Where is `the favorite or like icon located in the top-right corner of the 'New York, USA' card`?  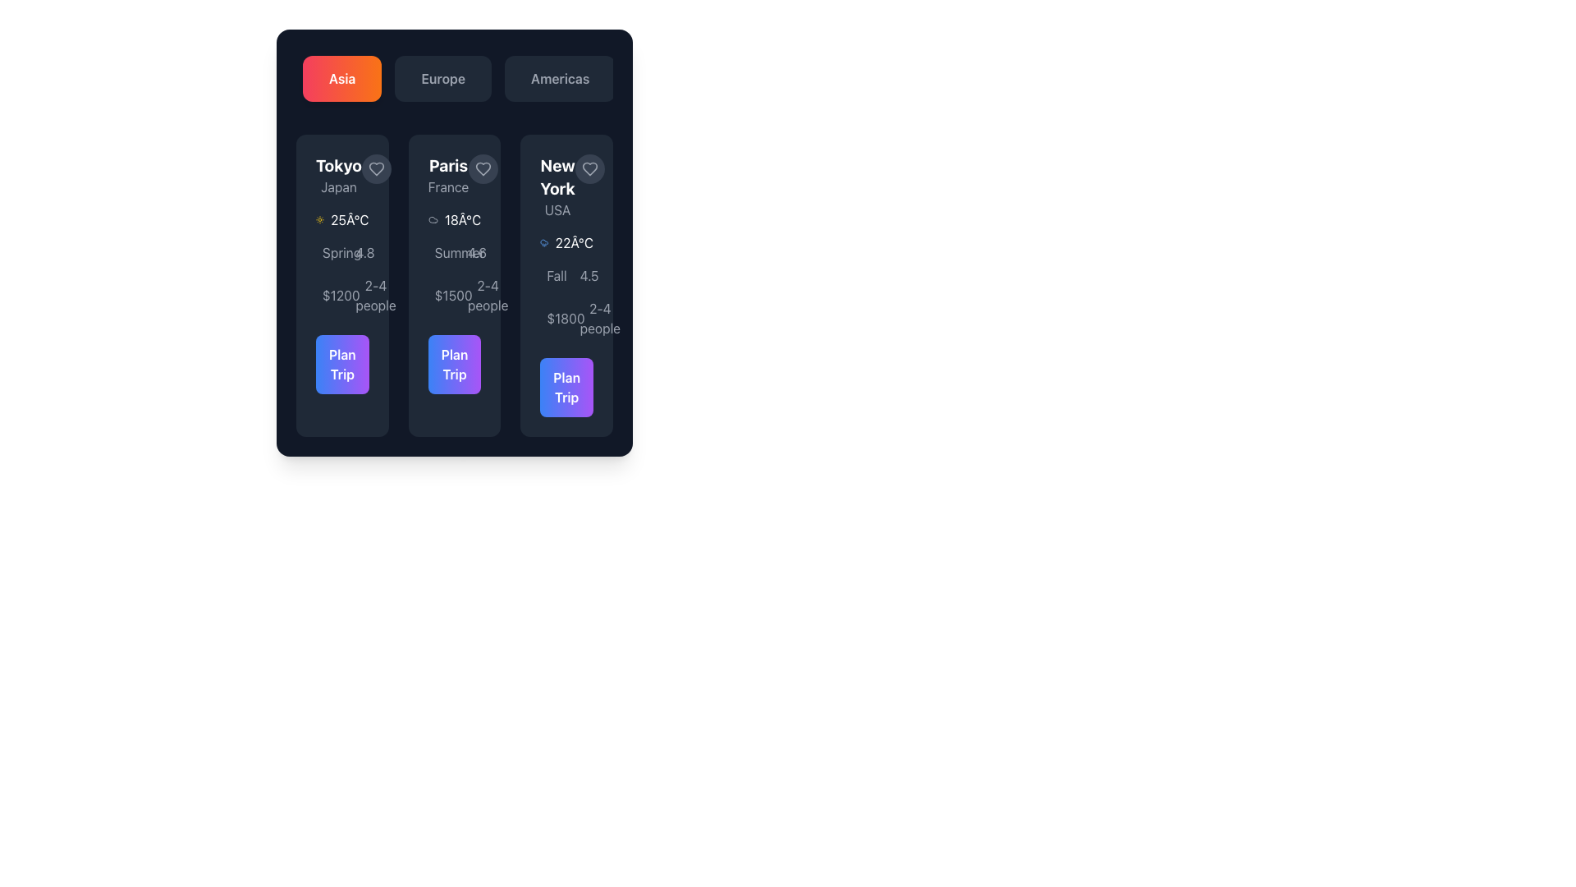
the favorite or like icon located in the top-right corner of the 'New York, USA' card is located at coordinates (589, 168).